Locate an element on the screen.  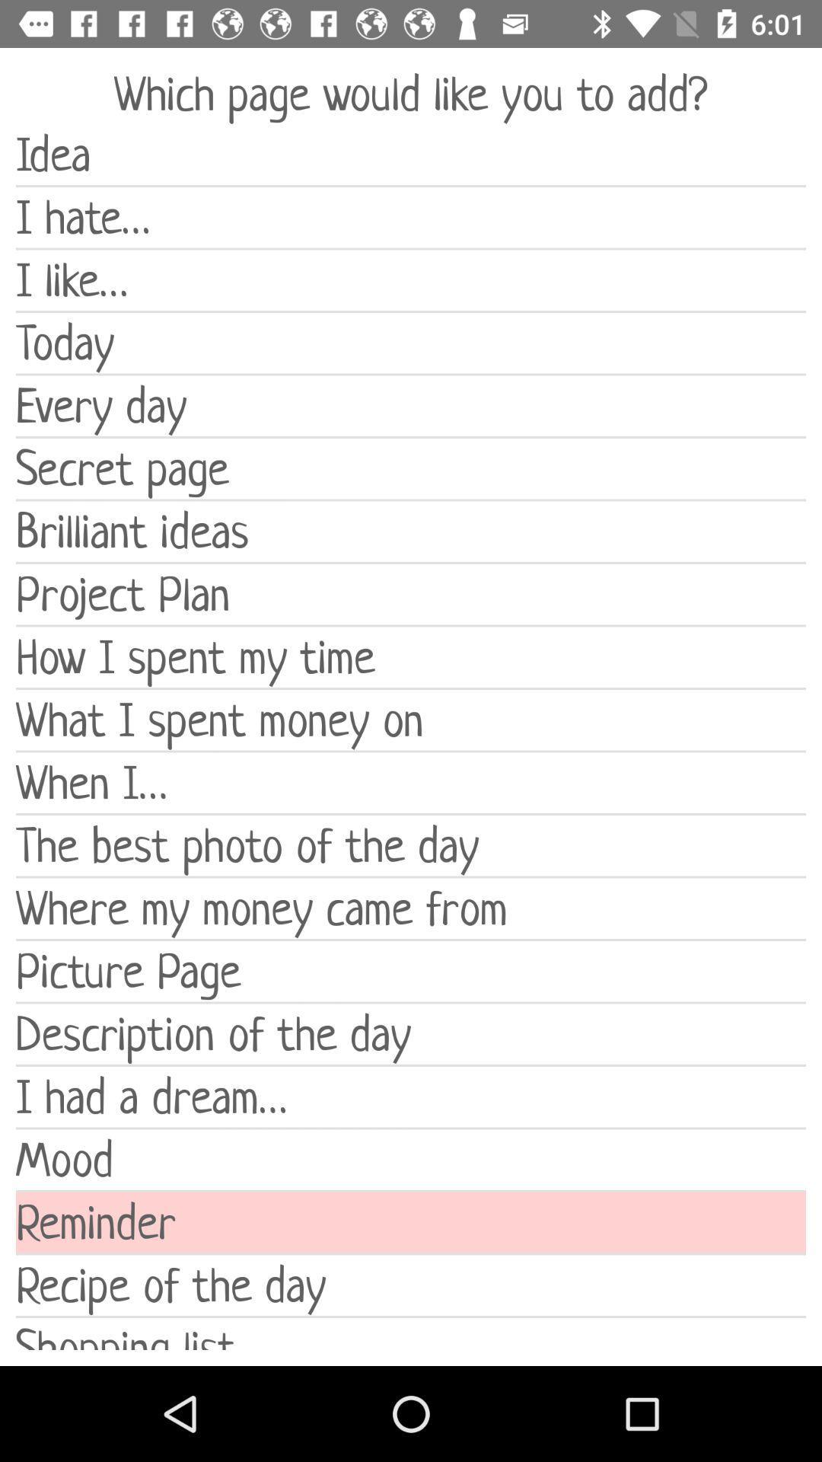
icon above the where my money icon is located at coordinates (411, 844).